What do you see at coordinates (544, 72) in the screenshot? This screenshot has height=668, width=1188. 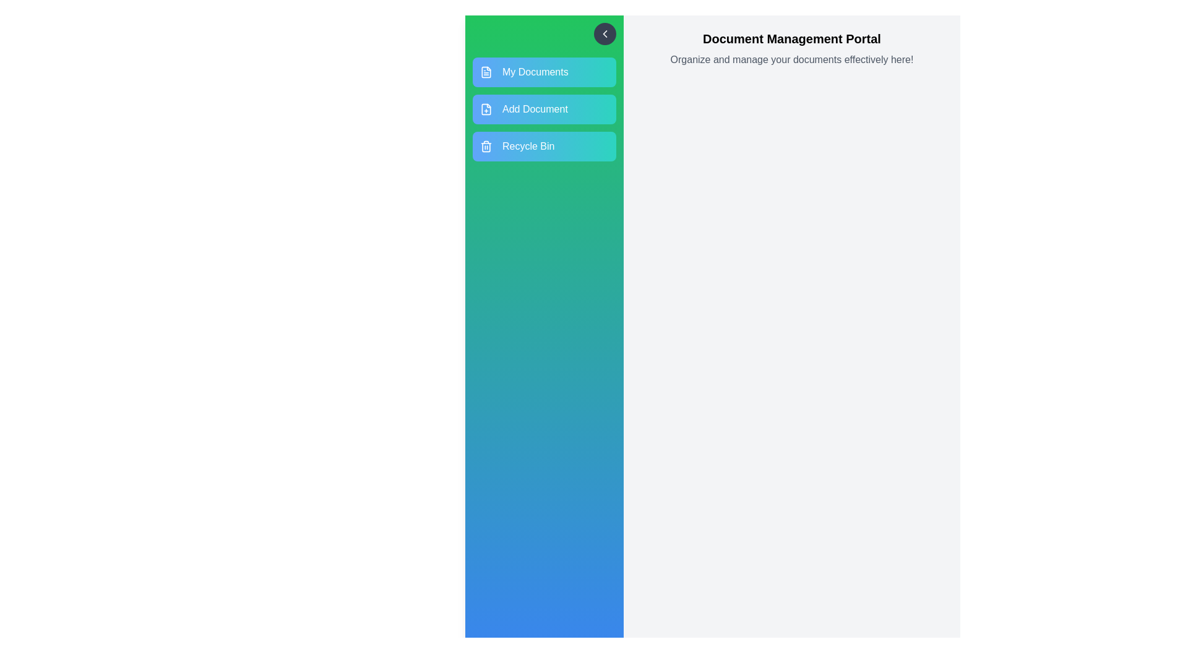 I see `the menu option My Documents to view its hover effect` at bounding box center [544, 72].